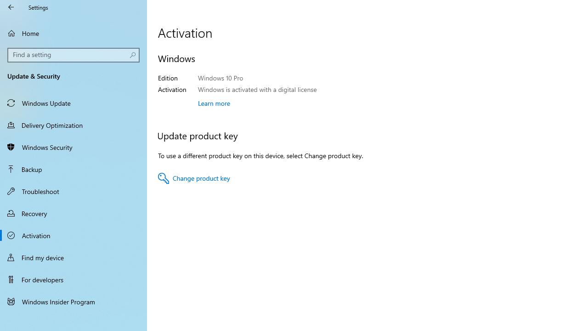  Describe the element at coordinates (73, 147) in the screenshot. I see `'Windows Security'` at that location.